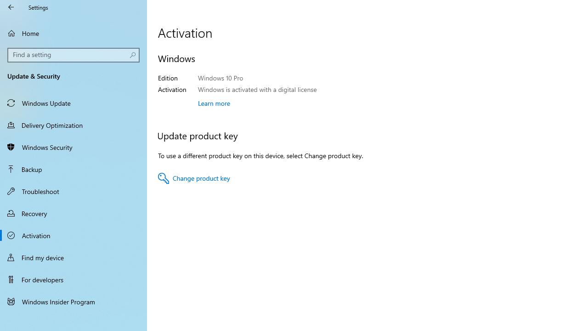  Describe the element at coordinates (73, 147) in the screenshot. I see `'Windows Security'` at that location.